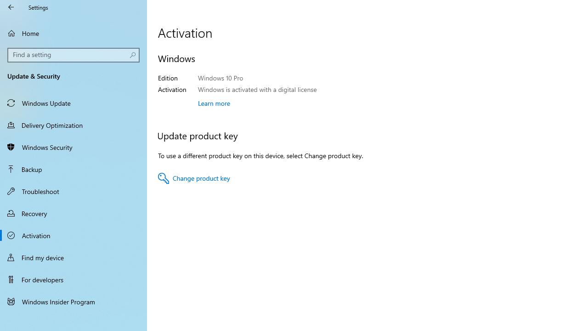  Describe the element at coordinates (73, 147) in the screenshot. I see `'Windows Security'` at that location.